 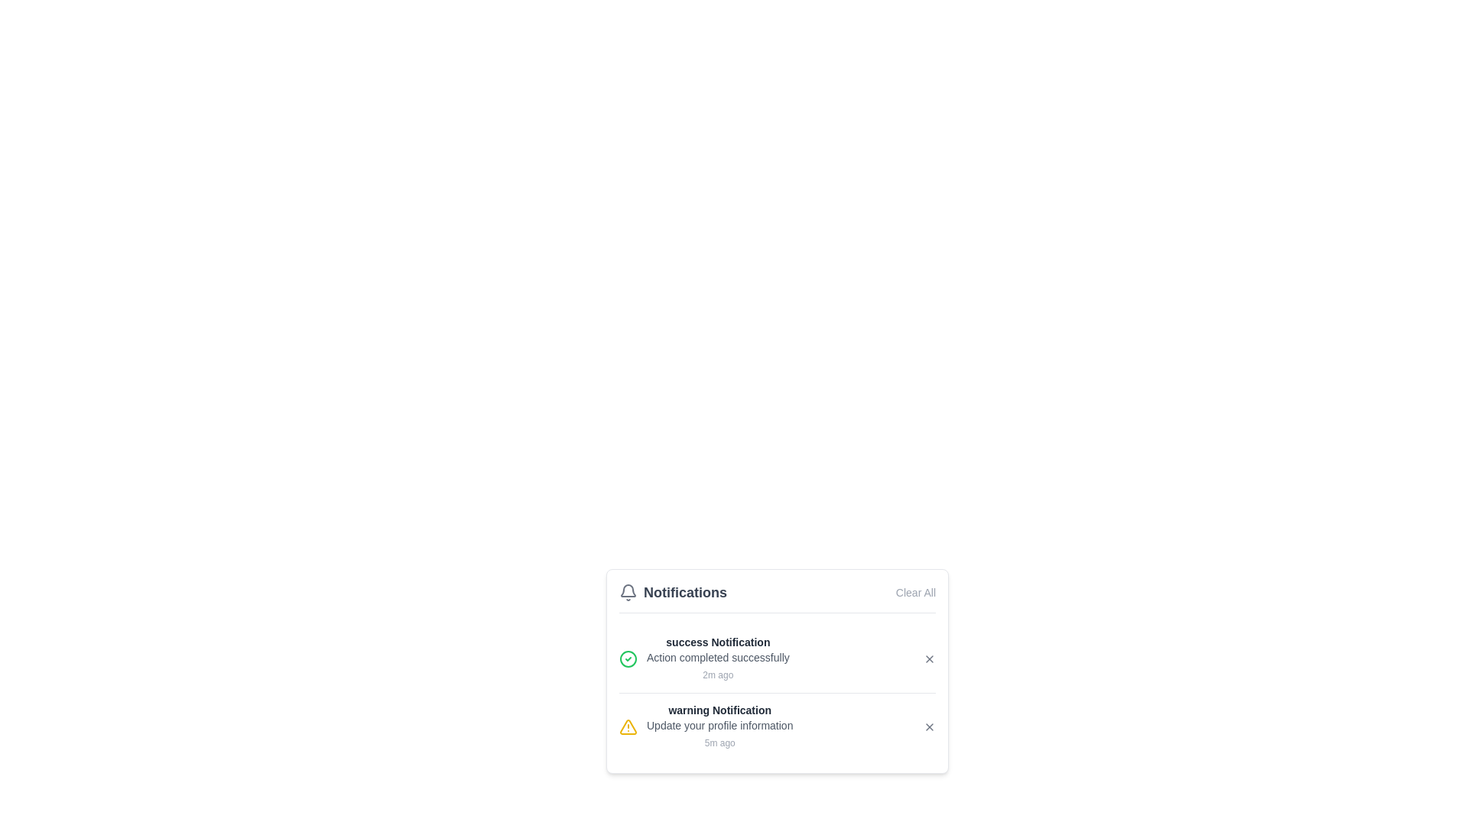 What do you see at coordinates (915, 591) in the screenshot?
I see `the 'Clear All' button located in the top right corner of the notifications header bar to clear all notifications` at bounding box center [915, 591].